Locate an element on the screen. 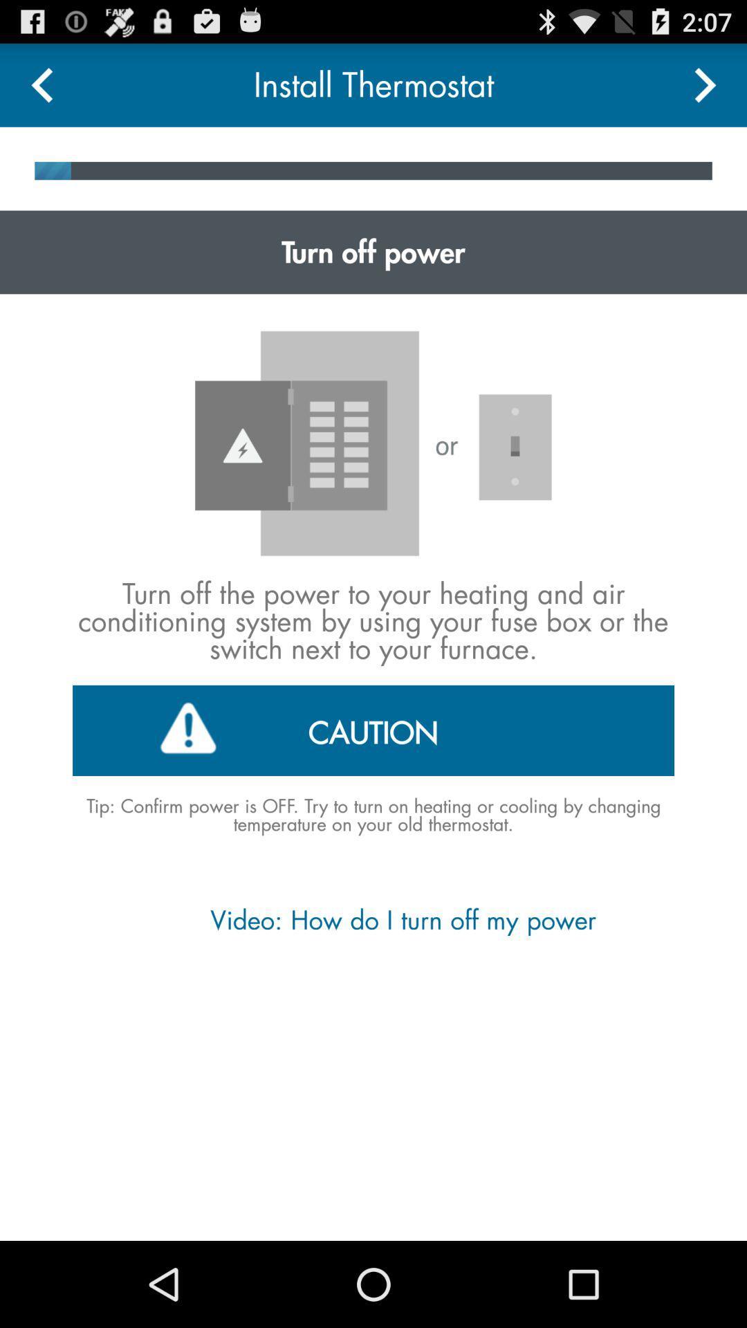 The width and height of the screenshot is (747, 1328). the arrow_forward icon is located at coordinates (705, 91).